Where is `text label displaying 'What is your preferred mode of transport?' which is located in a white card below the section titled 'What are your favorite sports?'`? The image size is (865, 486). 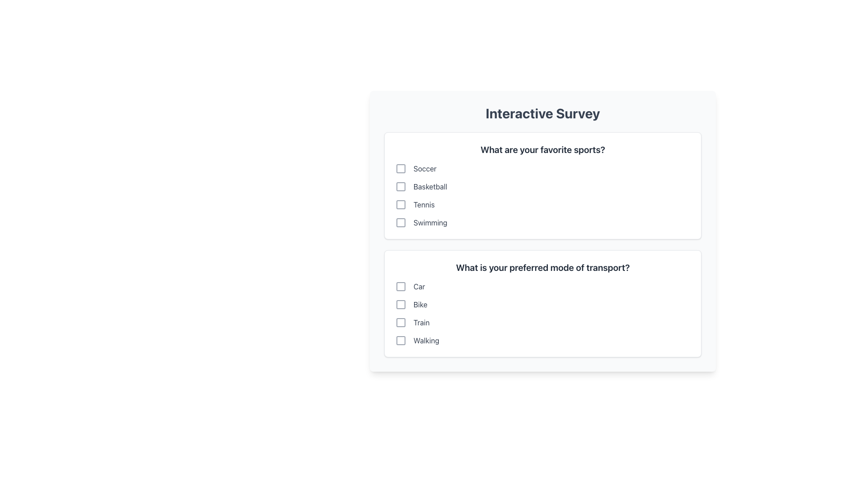 text label displaying 'What is your preferred mode of transport?' which is located in a white card below the section titled 'What are your favorite sports?' is located at coordinates (542, 267).